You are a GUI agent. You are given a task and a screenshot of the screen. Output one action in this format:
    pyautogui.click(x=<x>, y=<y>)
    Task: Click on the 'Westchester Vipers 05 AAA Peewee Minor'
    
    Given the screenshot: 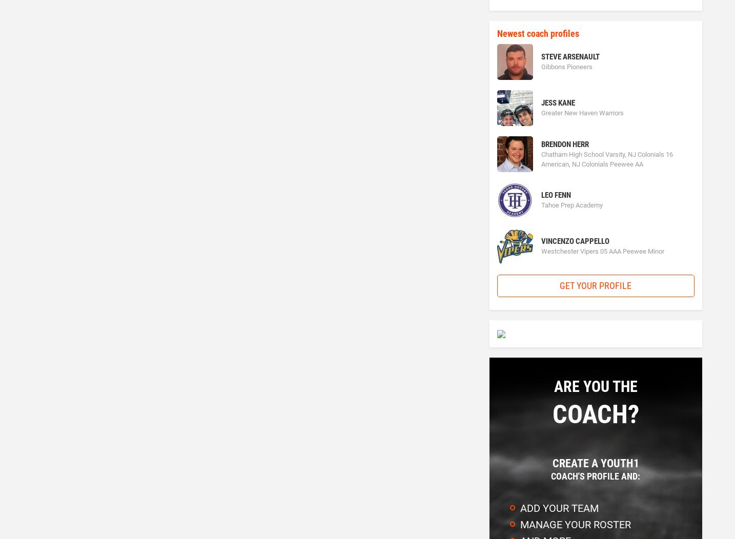 What is the action you would take?
    pyautogui.click(x=540, y=251)
    